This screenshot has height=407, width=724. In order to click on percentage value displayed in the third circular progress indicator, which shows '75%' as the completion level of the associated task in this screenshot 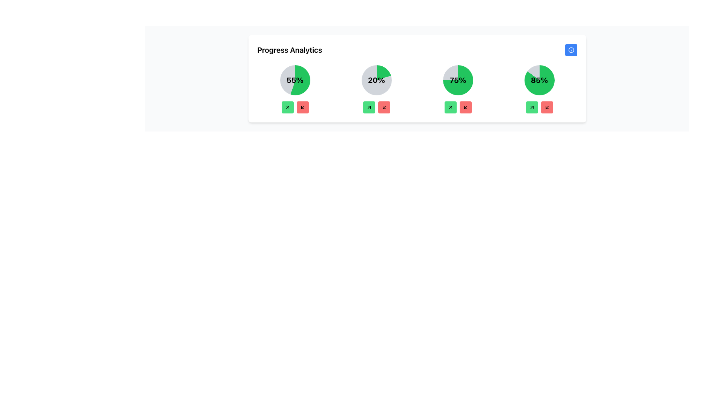, I will do `click(457, 80)`.